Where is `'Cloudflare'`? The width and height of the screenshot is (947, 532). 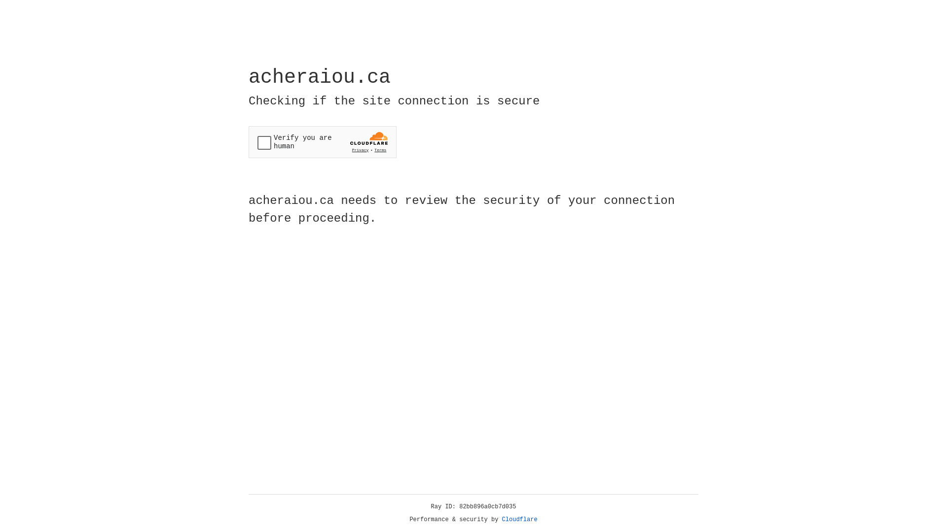
'Cloudflare' is located at coordinates (519, 519).